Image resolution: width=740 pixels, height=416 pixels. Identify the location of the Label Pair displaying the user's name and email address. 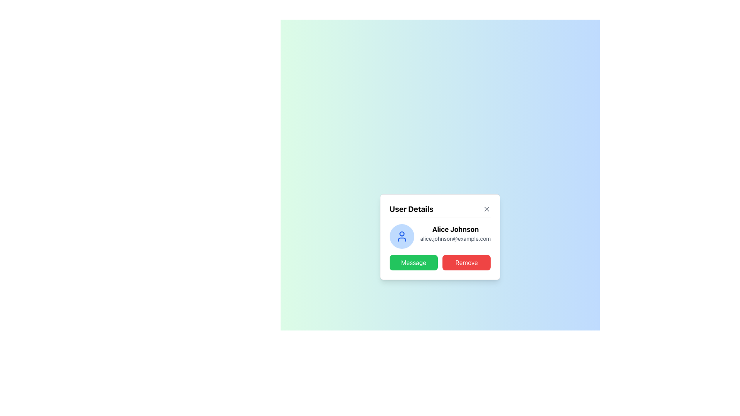
(455, 236).